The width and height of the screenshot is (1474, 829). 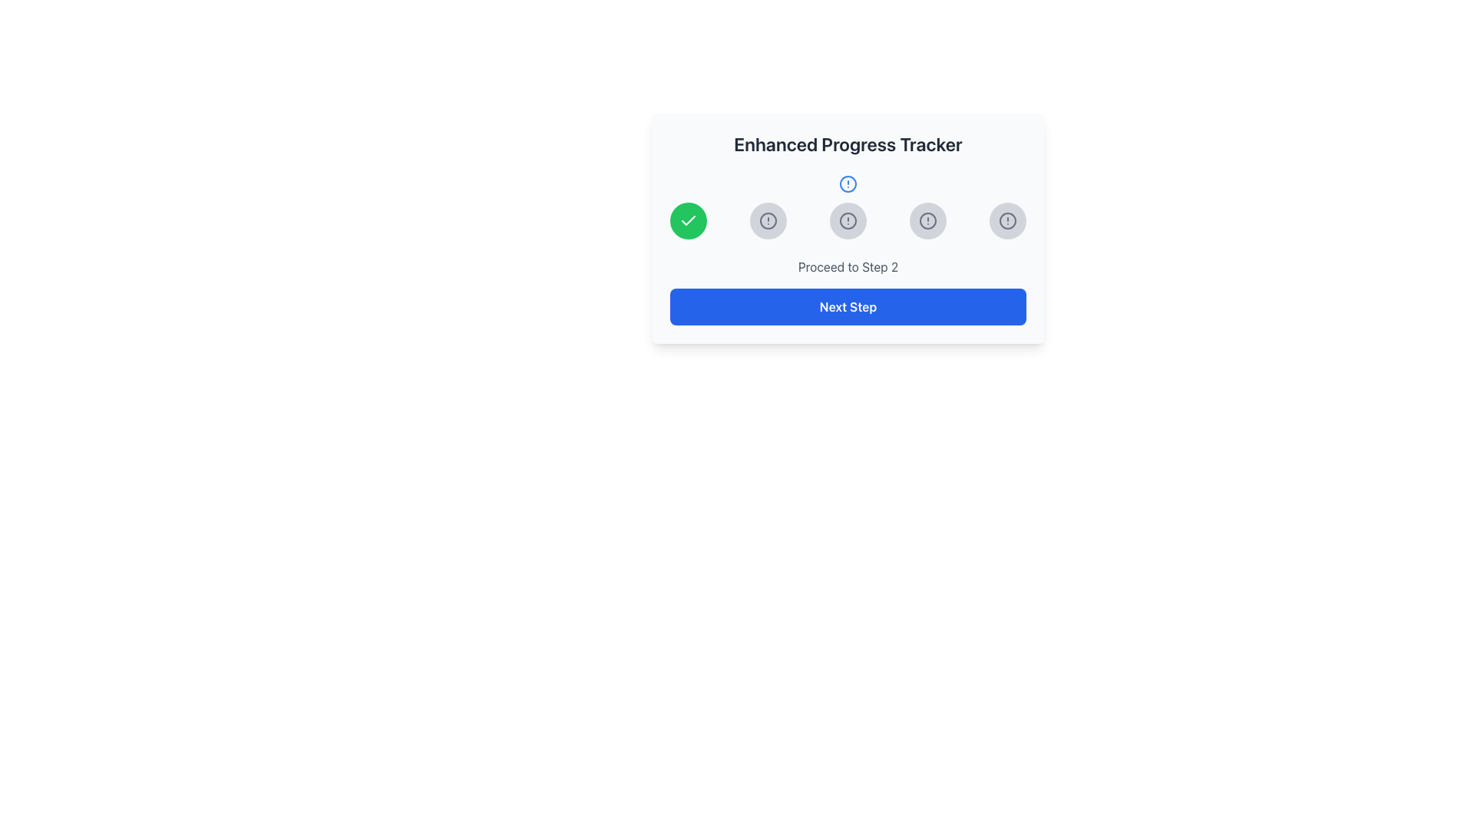 What do you see at coordinates (847, 144) in the screenshot?
I see `the header text element located at the top of the card component, which serves to inform the user about the current section or purpose of the card` at bounding box center [847, 144].